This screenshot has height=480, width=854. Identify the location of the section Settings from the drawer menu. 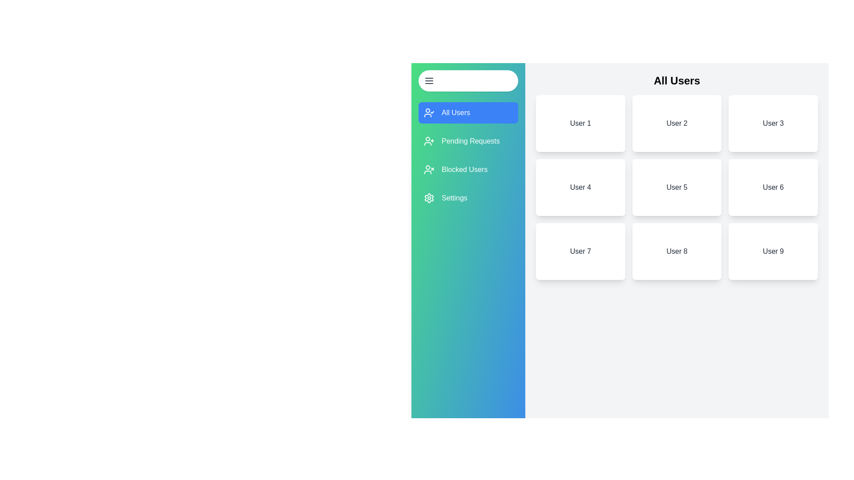
(467, 198).